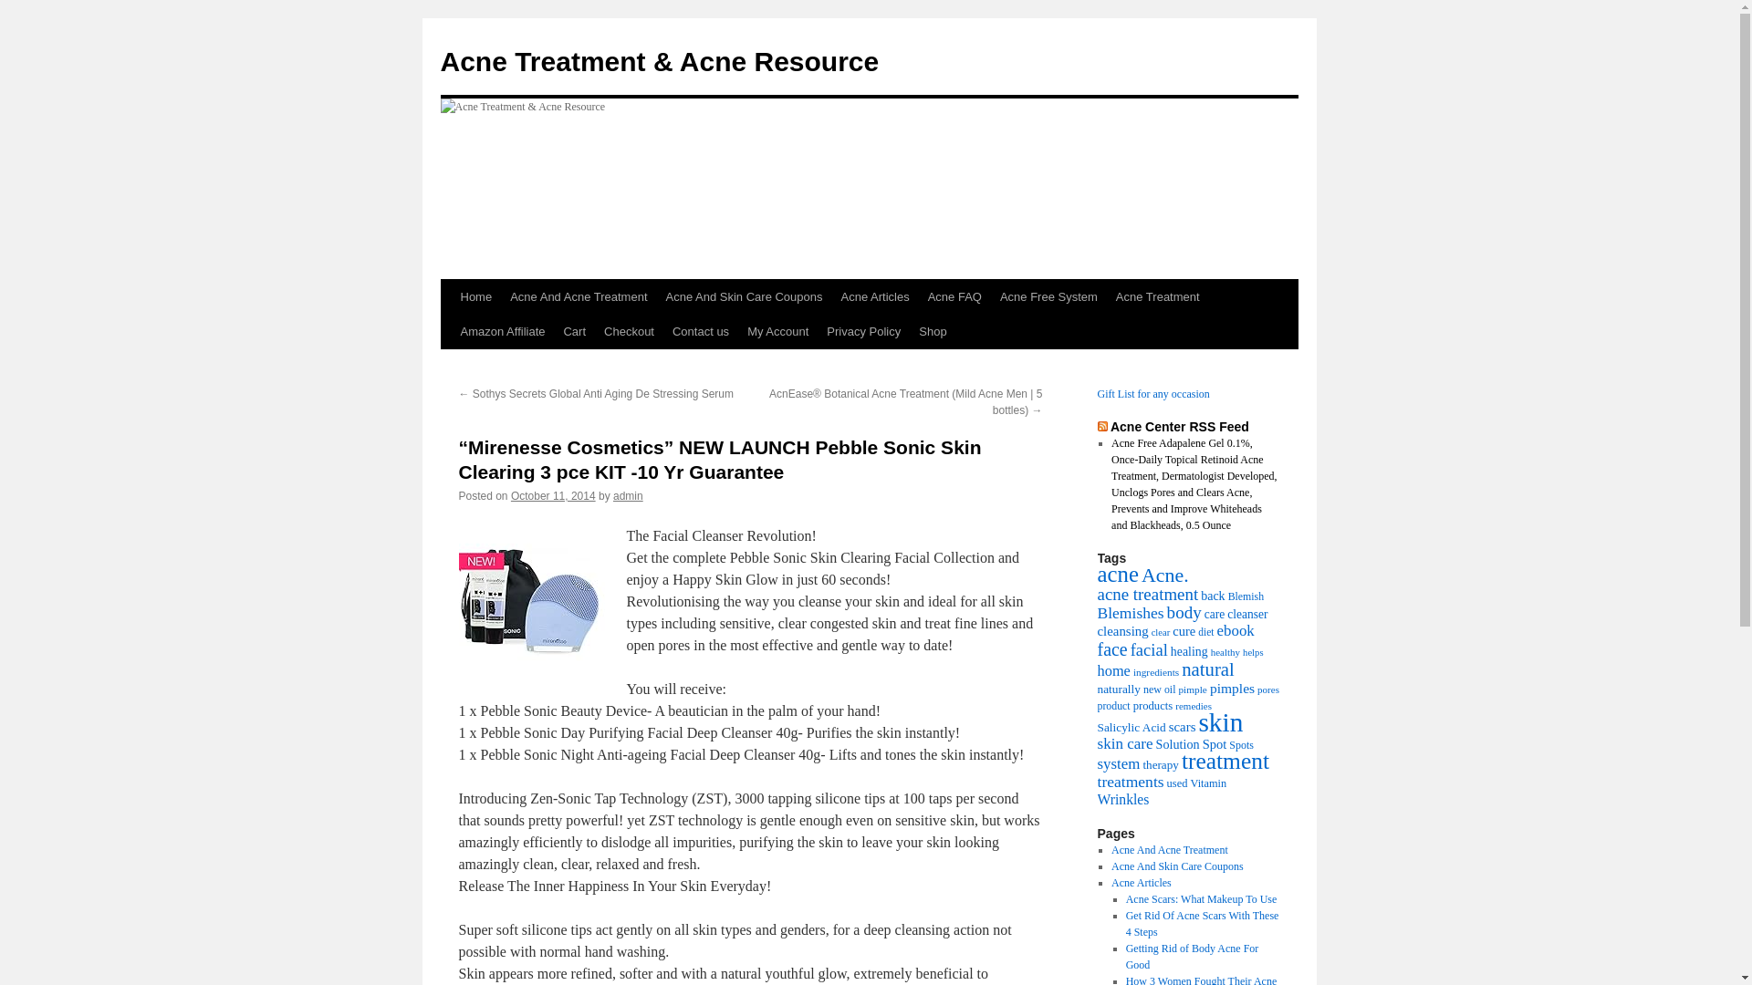 Image resolution: width=1752 pixels, height=985 pixels. I want to click on 'Gift List for any occasion', so click(1152, 393).